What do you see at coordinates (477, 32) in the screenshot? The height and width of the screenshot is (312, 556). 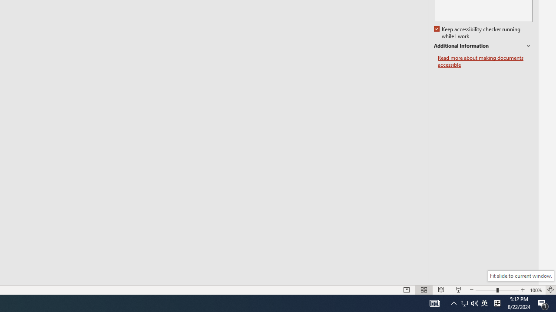 I see `'Keep accessibility checker running while I work'` at bounding box center [477, 32].